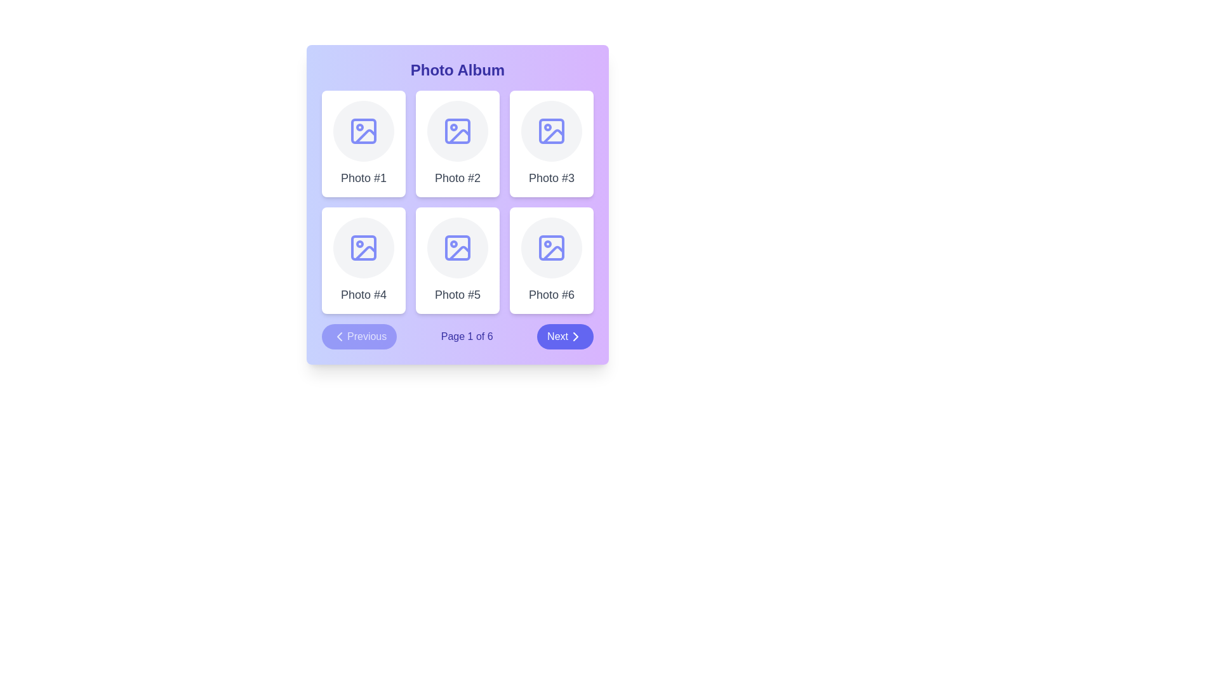 The width and height of the screenshot is (1219, 685). I want to click on the square-shaped photo icon in the top-left corner of the photo album section, so click(363, 131).